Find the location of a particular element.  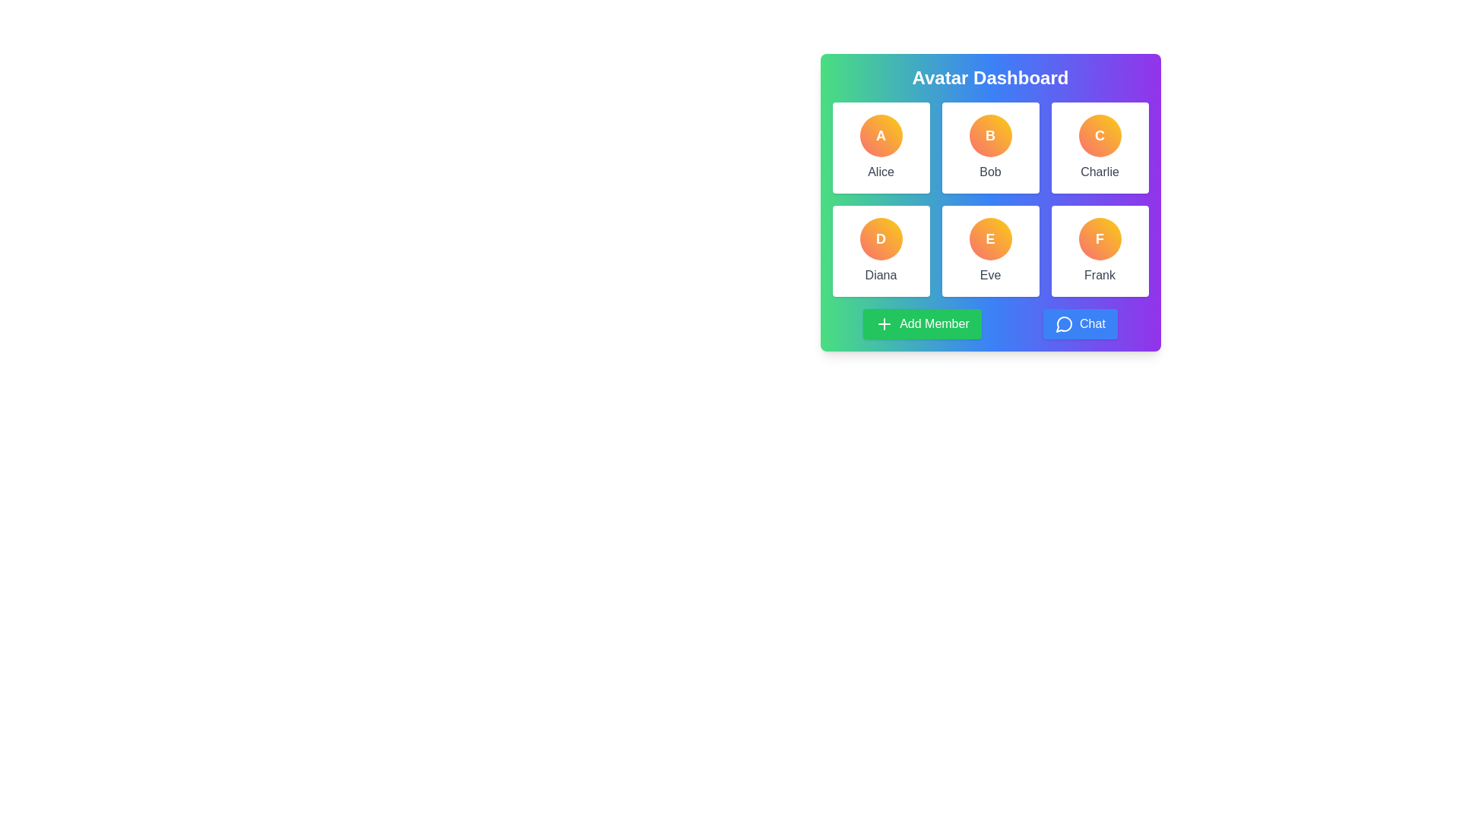

the user card named 'Bob' which features a circular avatar with a gradient from yellow to red and the letter 'B', located in the second column of the first row of a grid layout is located at coordinates (990, 148).